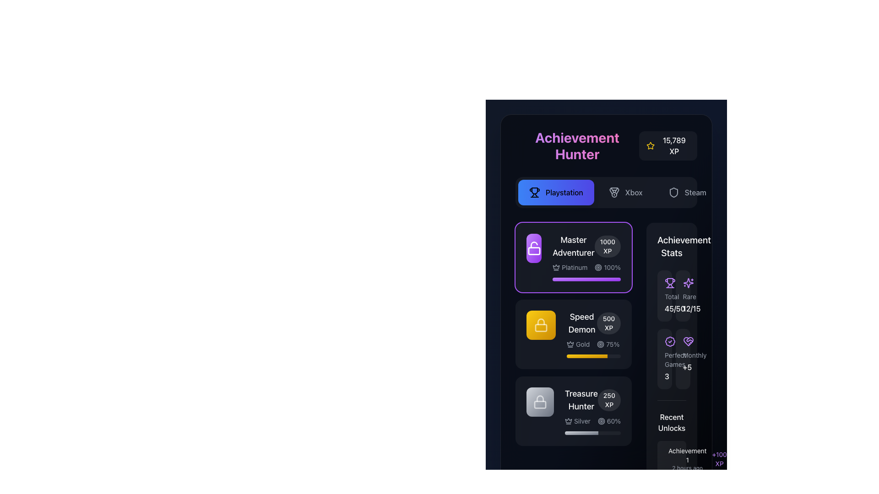 The width and height of the screenshot is (879, 494). I want to click on the static display row that shows the rank 'Platinum' and its percentage '100%' located in the lower section of the 'Master Adventurer' card, so click(586, 268).